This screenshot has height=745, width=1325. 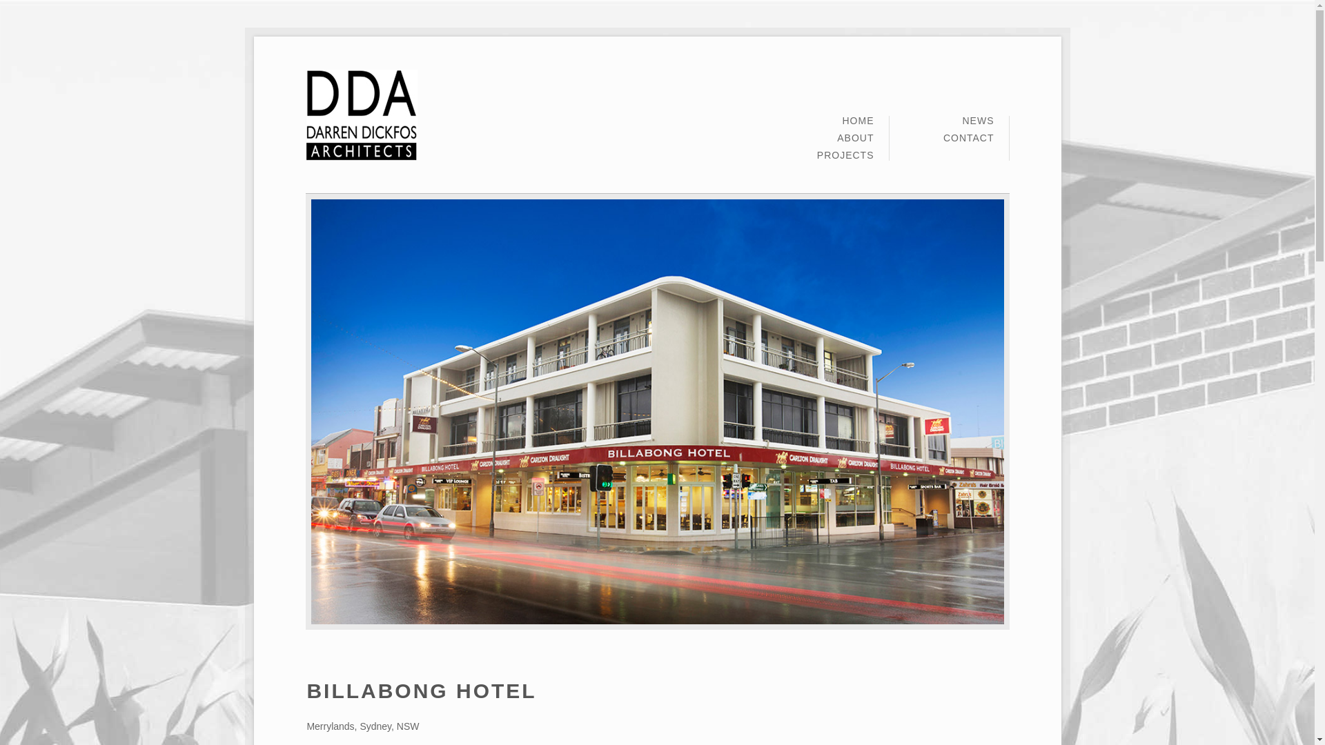 What do you see at coordinates (976, 124) in the screenshot?
I see `'NEWS'` at bounding box center [976, 124].